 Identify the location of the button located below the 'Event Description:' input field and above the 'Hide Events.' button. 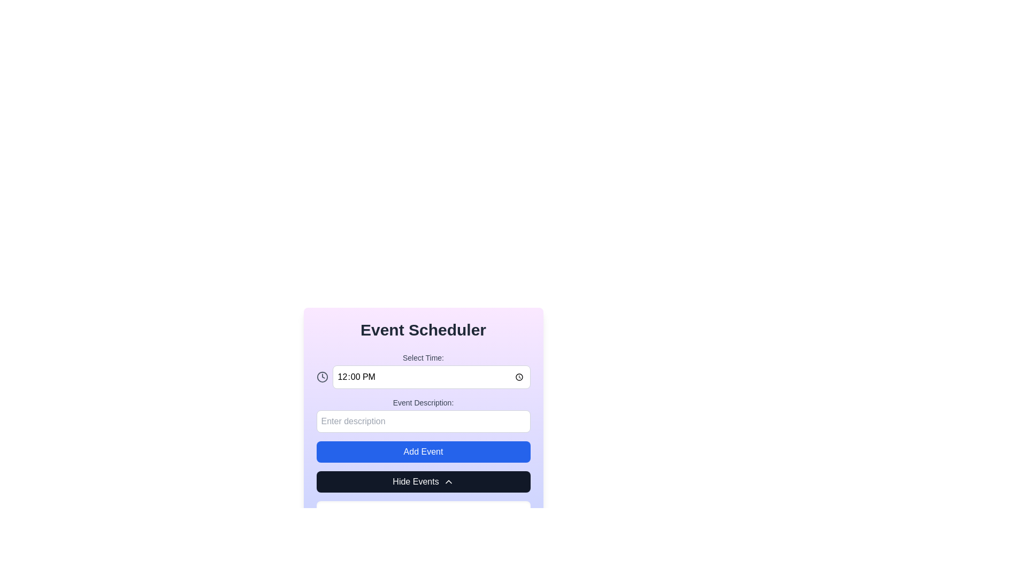
(423, 451).